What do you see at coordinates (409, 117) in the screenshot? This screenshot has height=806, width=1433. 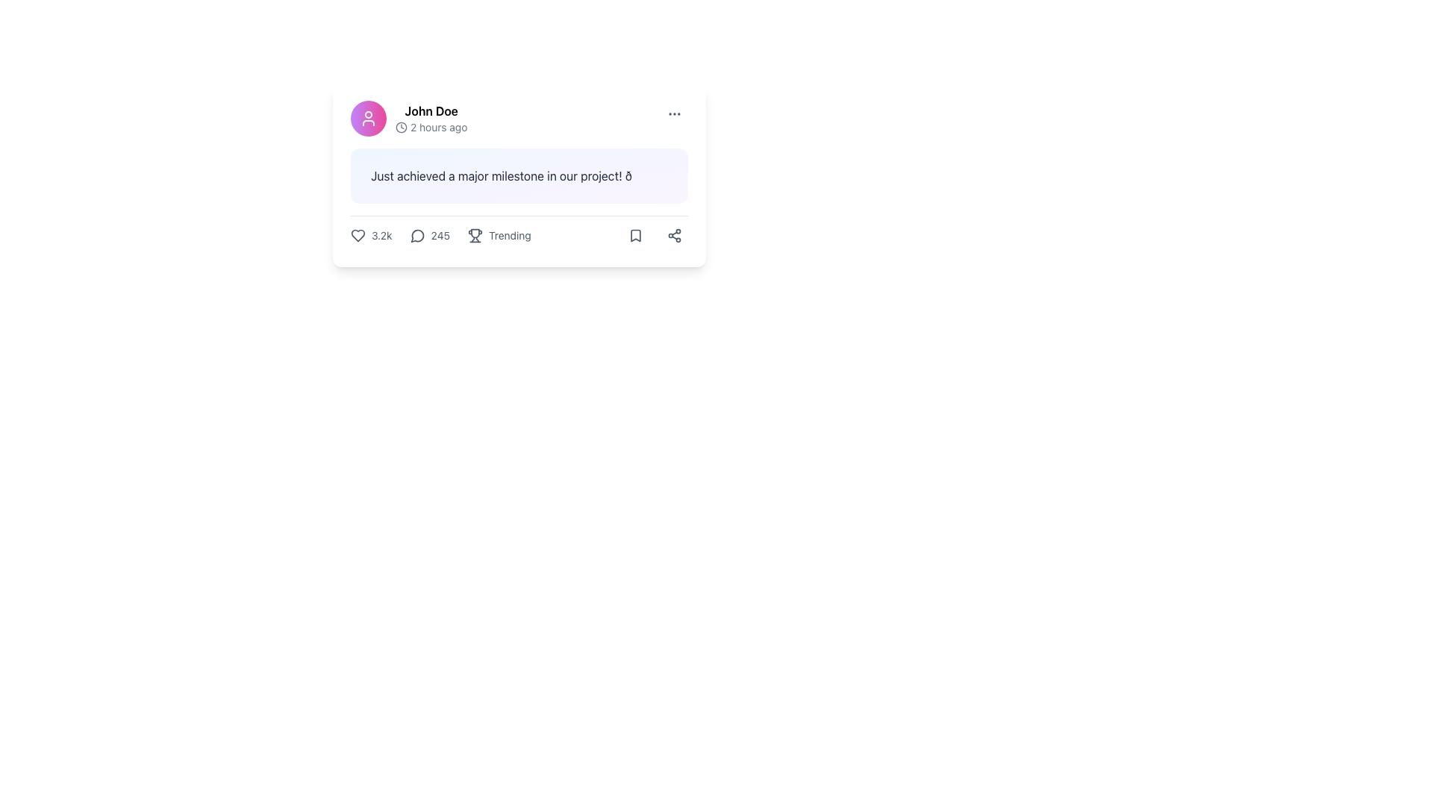 I see `the Profile banner containing the user's name 'John Doe' and the timestamp '2 hours ago'` at bounding box center [409, 117].